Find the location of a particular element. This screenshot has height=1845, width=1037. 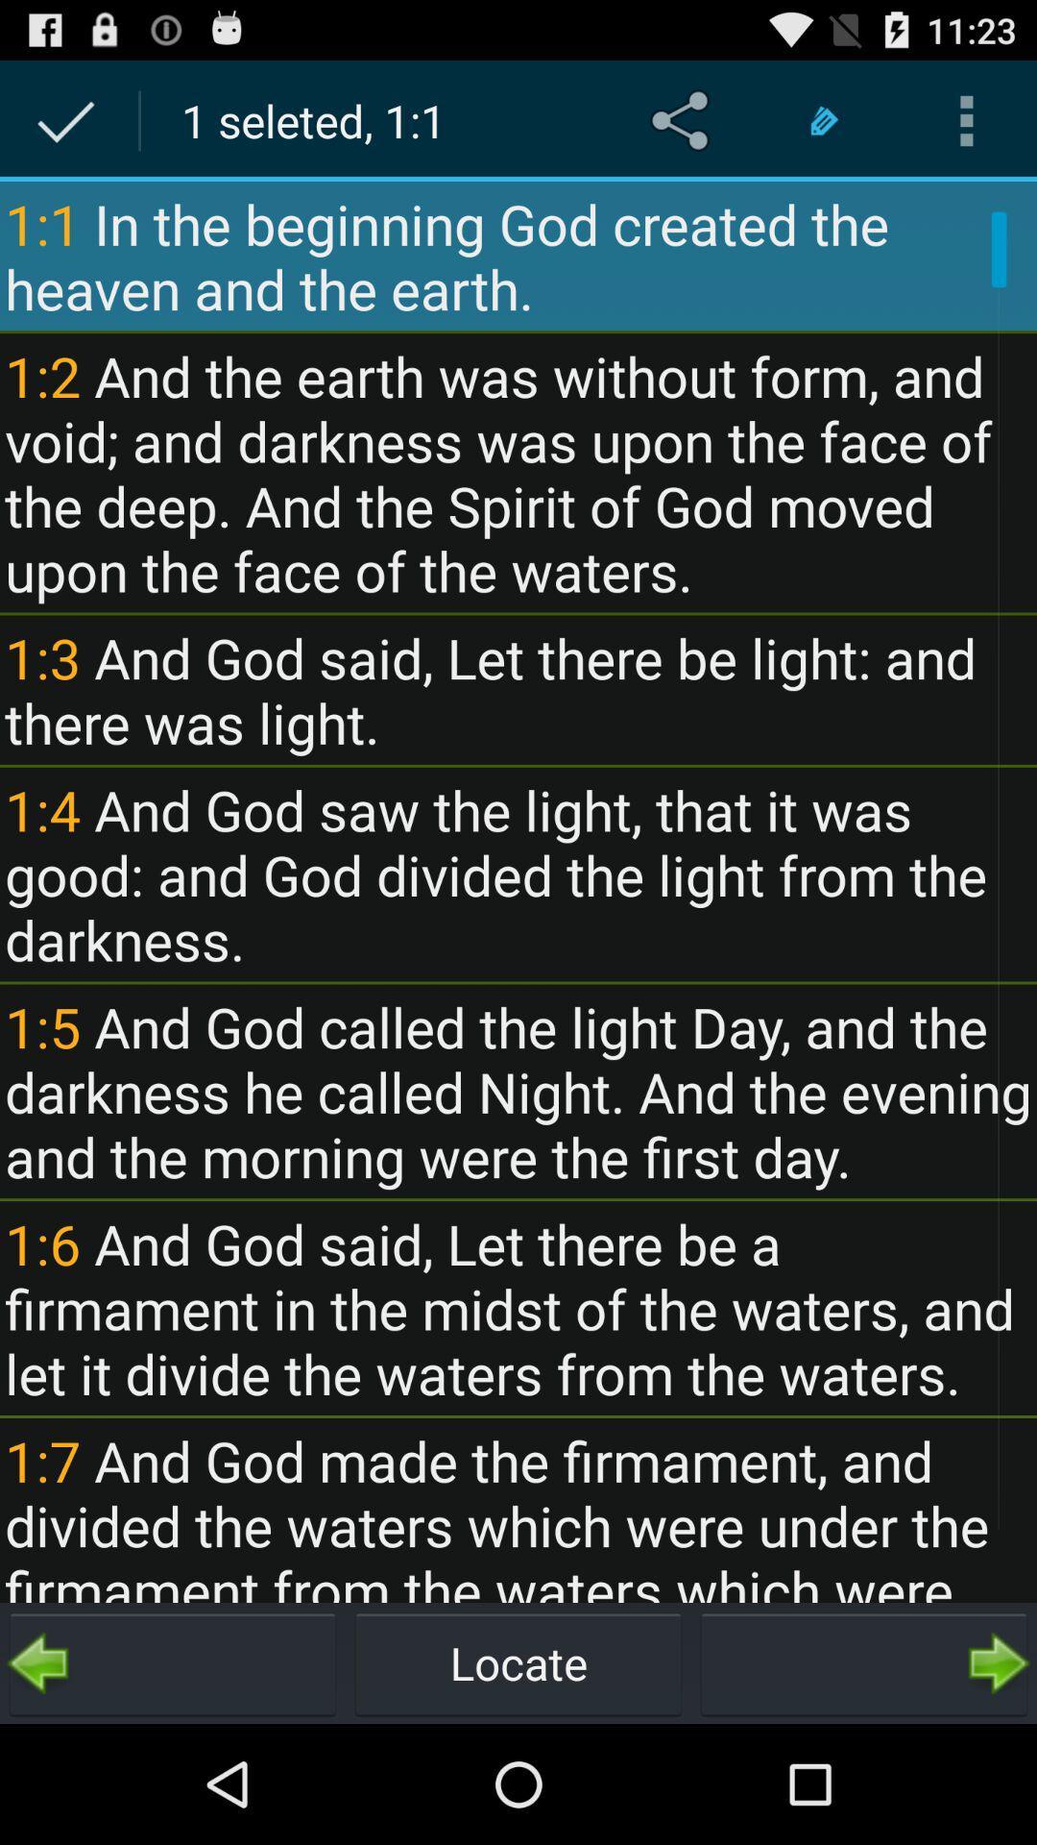

next is located at coordinates (862, 1662).